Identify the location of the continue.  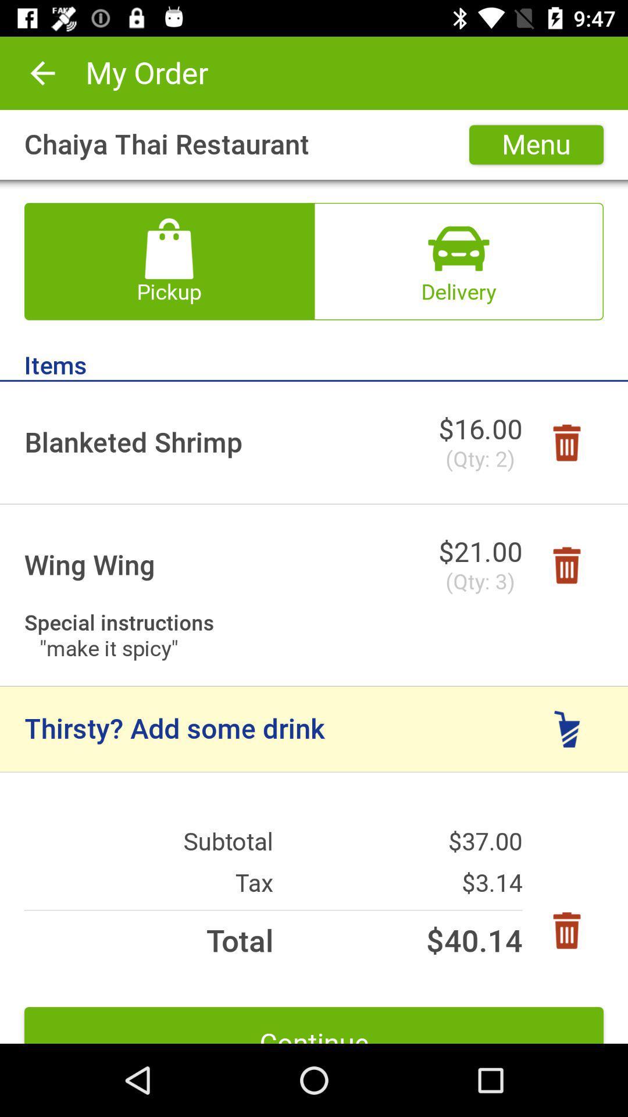
(314, 1025).